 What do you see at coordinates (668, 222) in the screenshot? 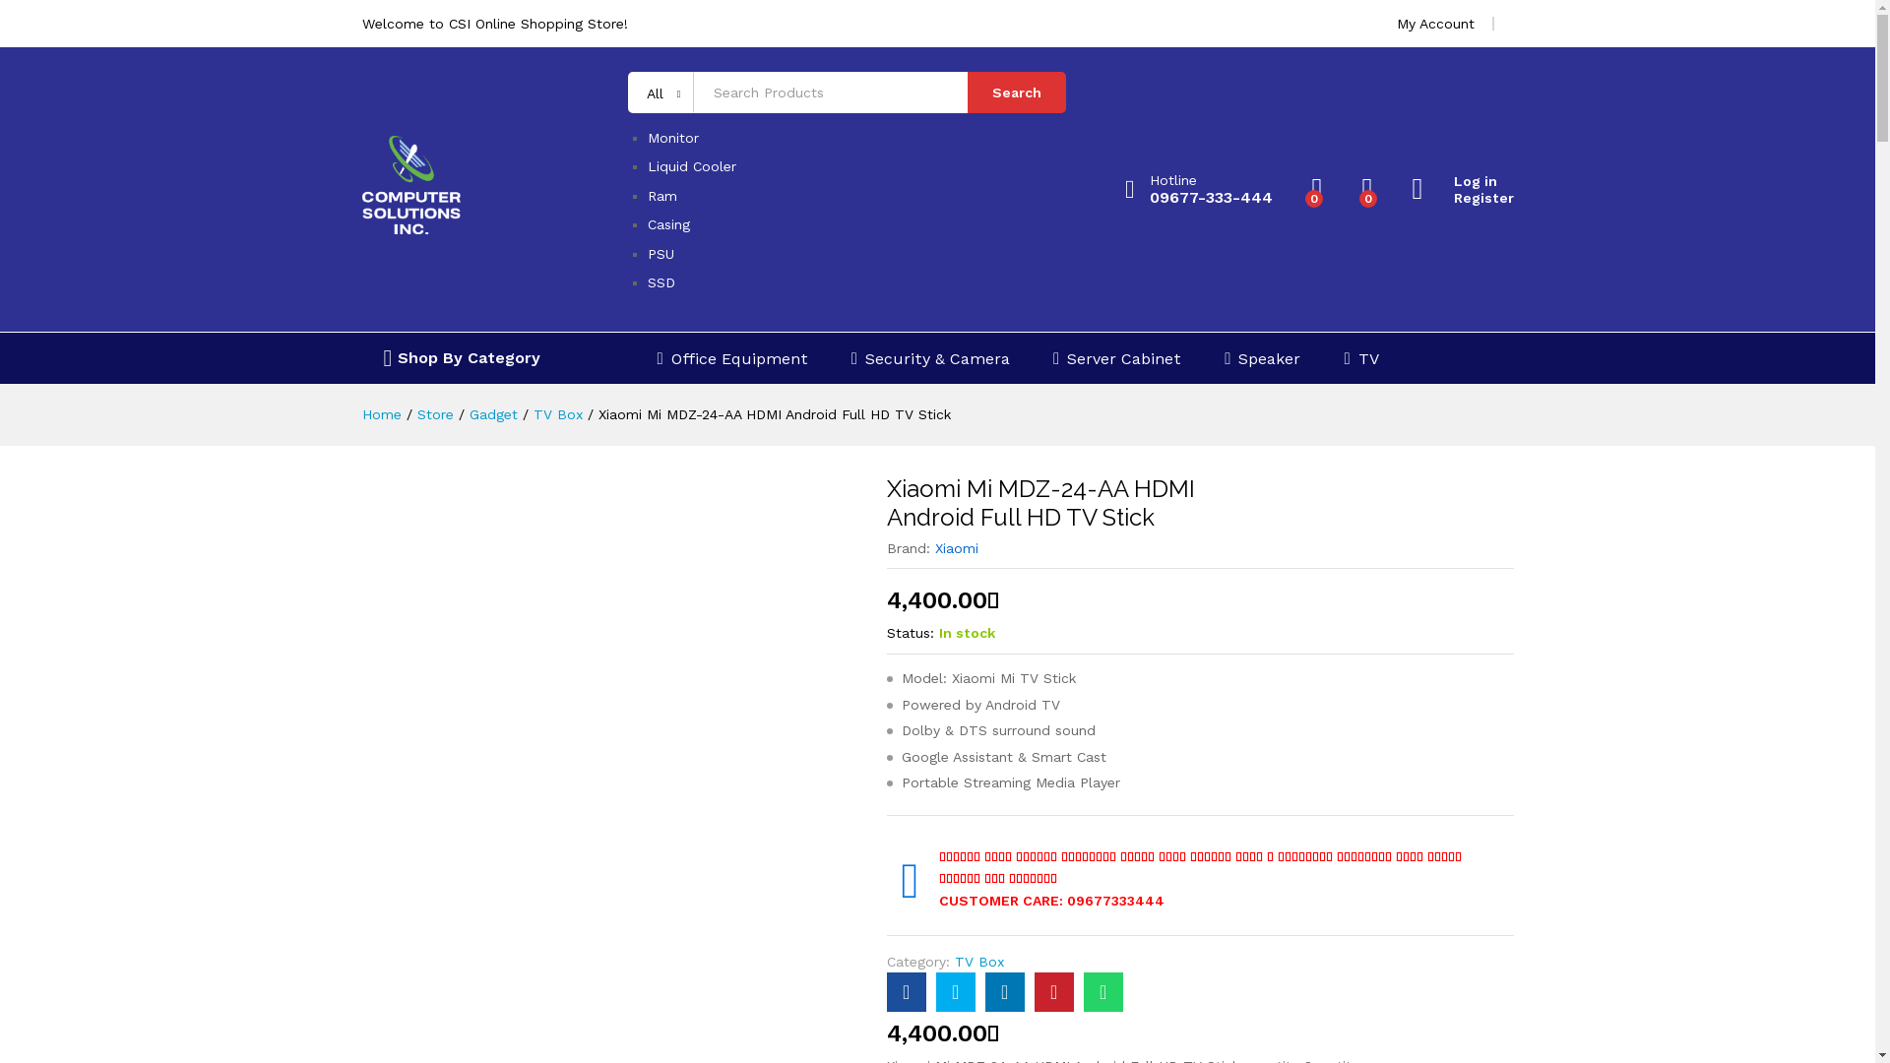
I see `'Casing'` at bounding box center [668, 222].